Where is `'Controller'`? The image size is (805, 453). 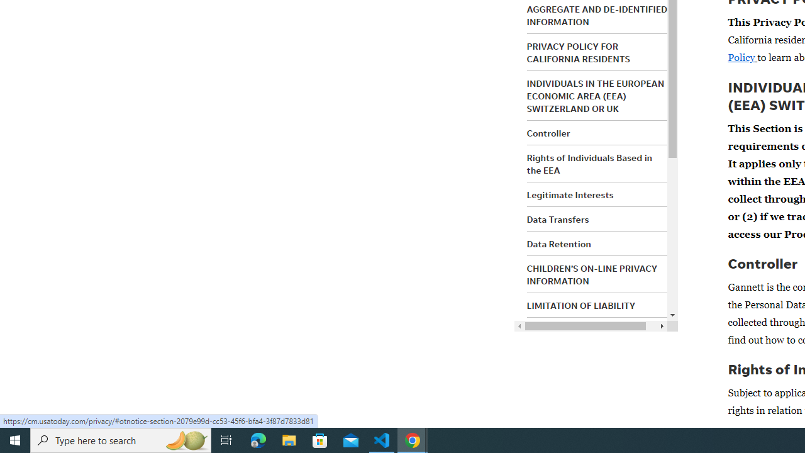 'Controller' is located at coordinates (548, 133).